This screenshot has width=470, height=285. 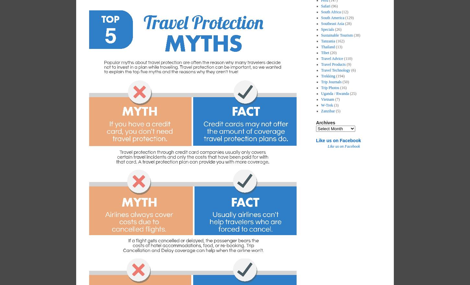 What do you see at coordinates (334, 6) in the screenshot?
I see `'(96)'` at bounding box center [334, 6].